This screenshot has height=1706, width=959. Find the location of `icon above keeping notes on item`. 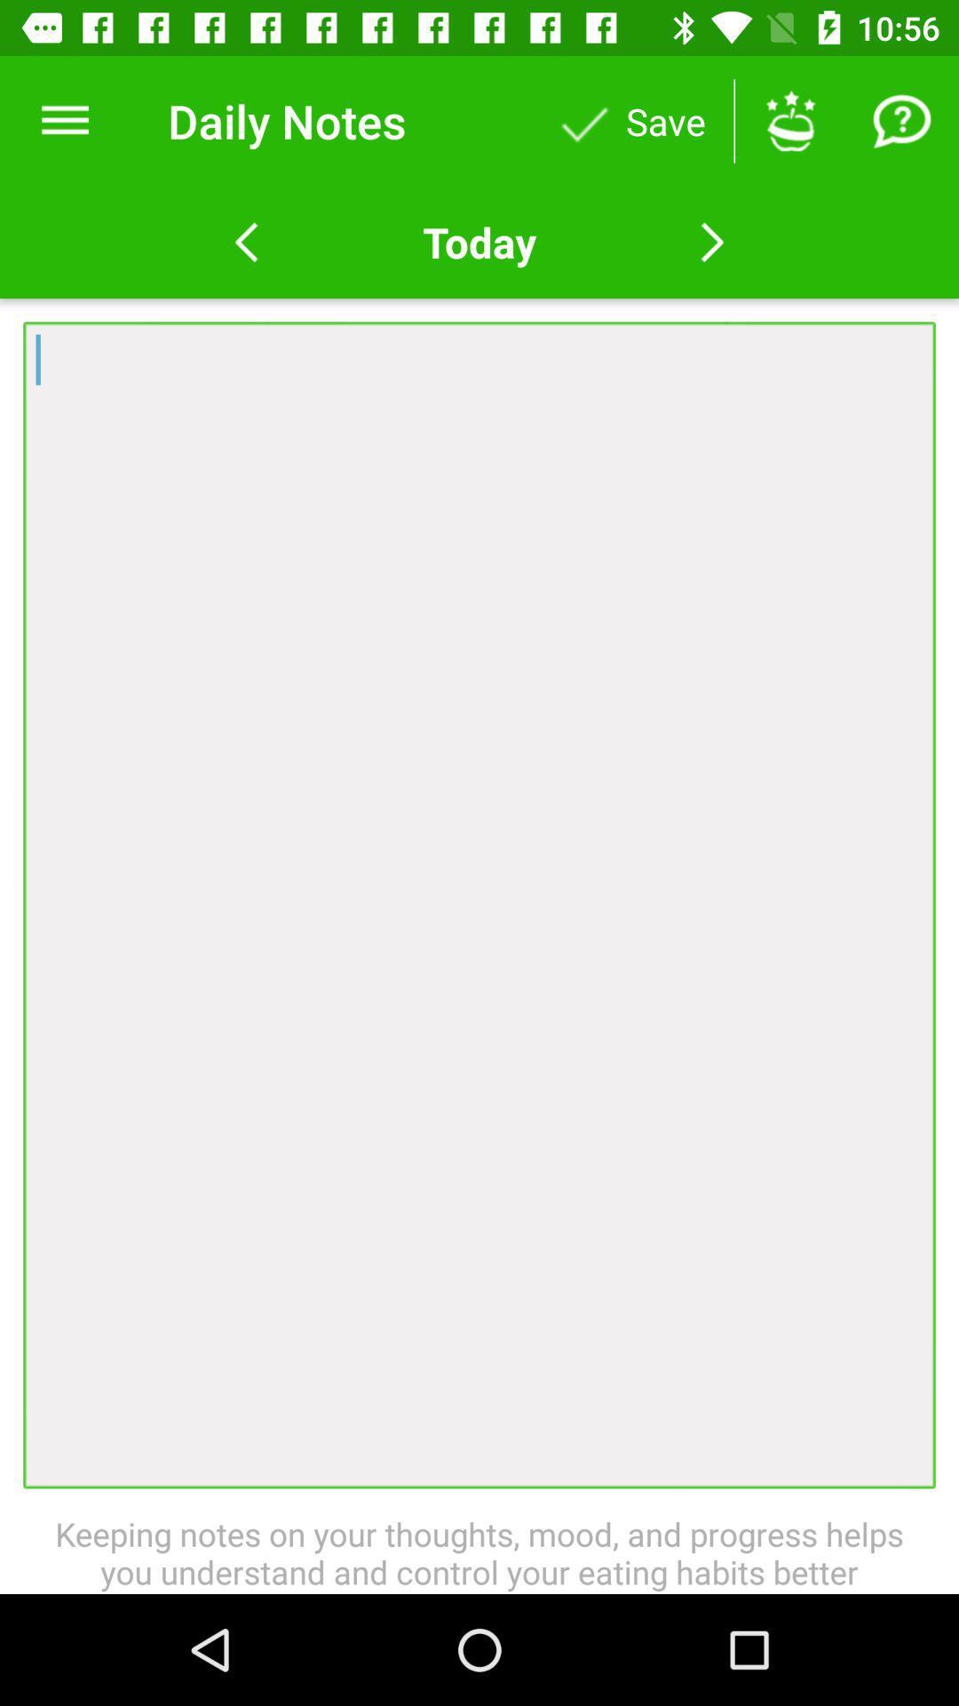

icon above keeping notes on item is located at coordinates (479, 905).